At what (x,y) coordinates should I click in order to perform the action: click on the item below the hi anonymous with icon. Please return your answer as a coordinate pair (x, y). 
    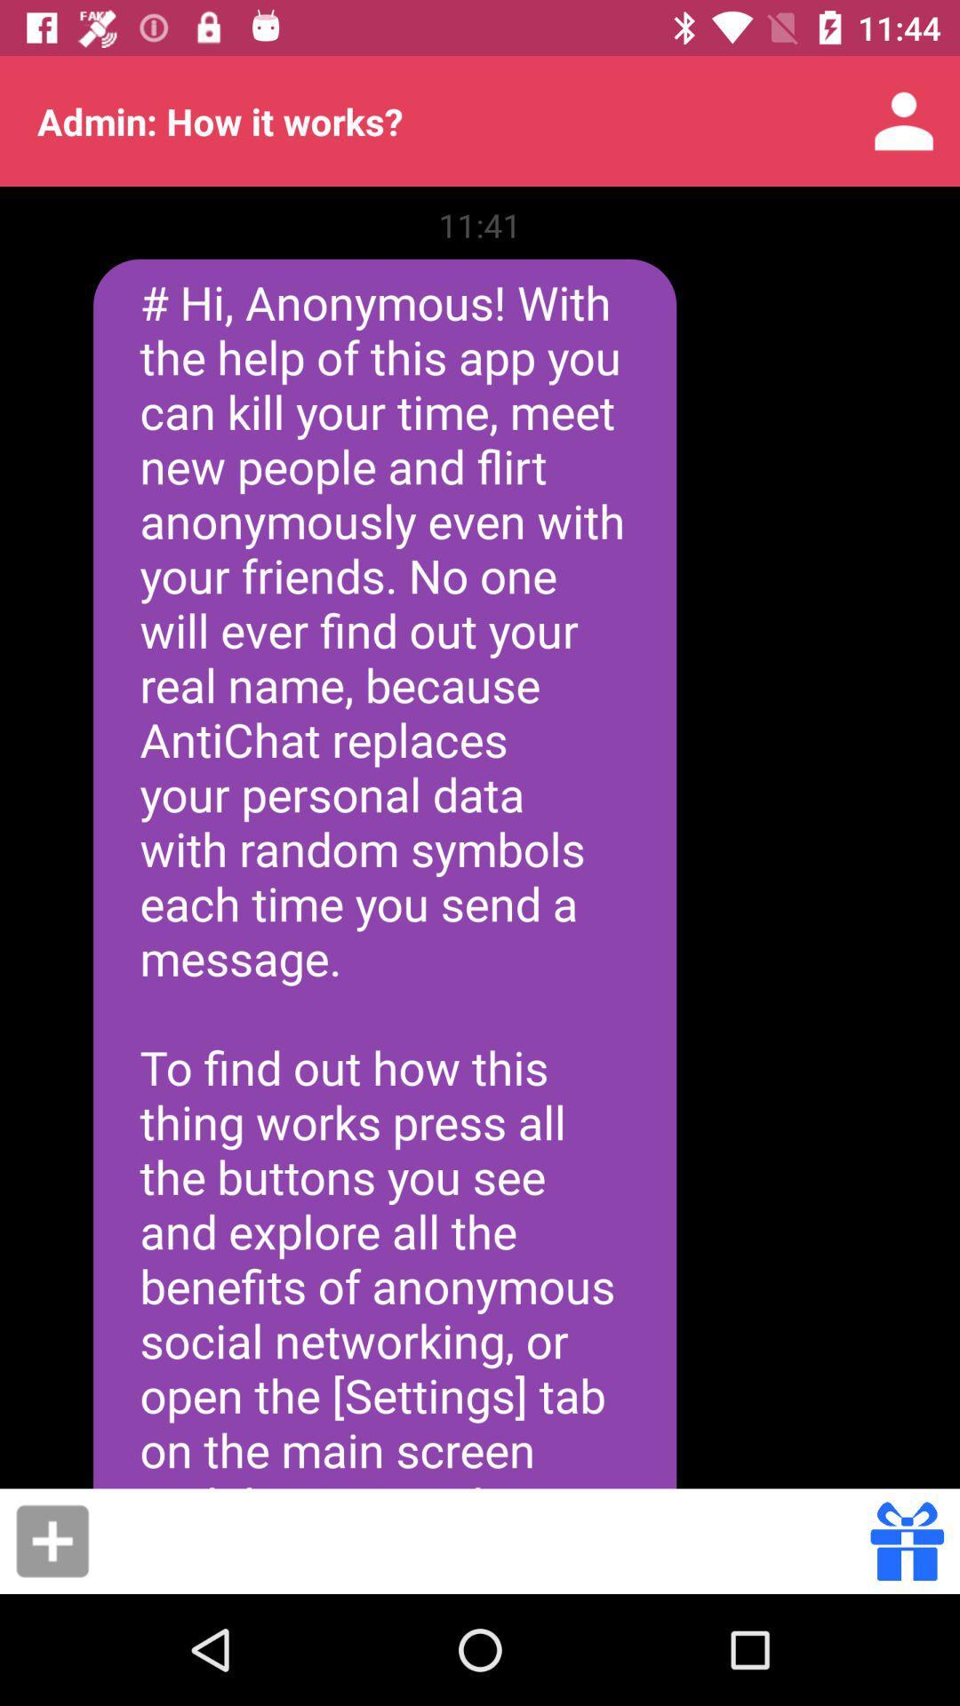
    Looking at the image, I should click on (52, 1540).